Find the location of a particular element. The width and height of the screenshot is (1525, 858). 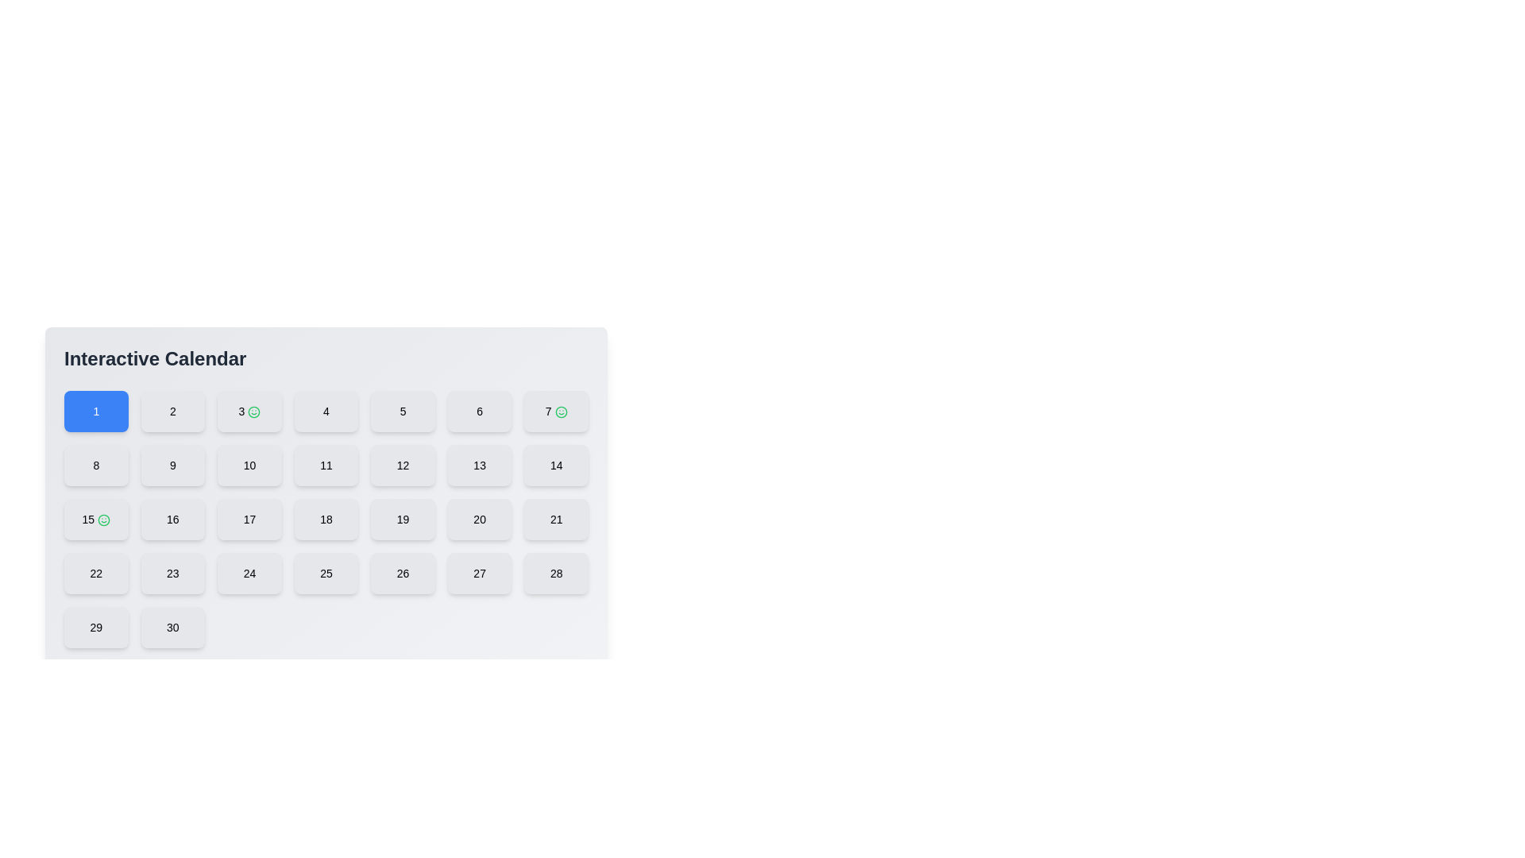

the interactive calendar grid for keyboard navigation by moving the mouse to the center of the grid layout is located at coordinates (326, 520).